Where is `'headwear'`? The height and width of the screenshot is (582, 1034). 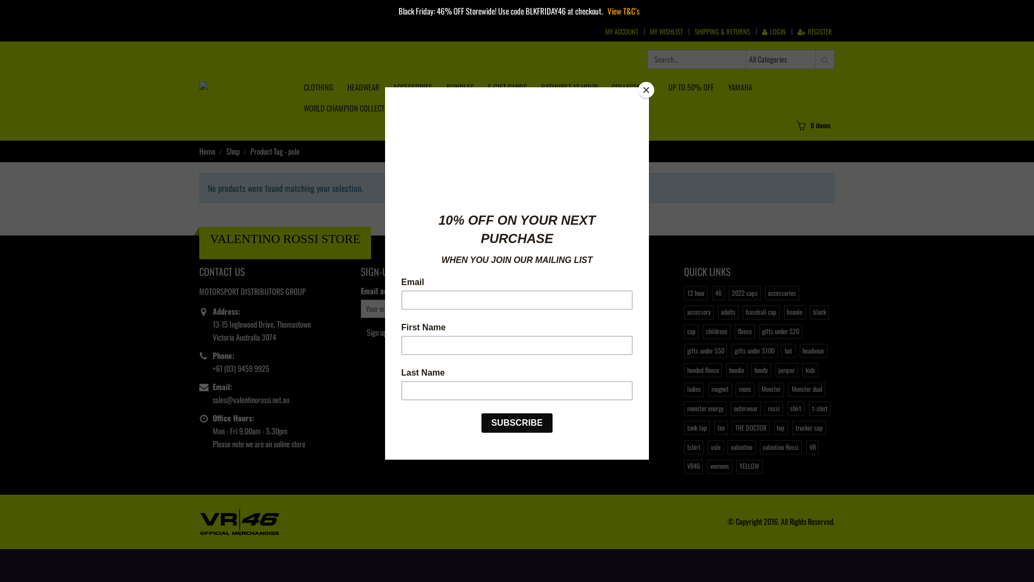
'headwear' is located at coordinates (814, 351).